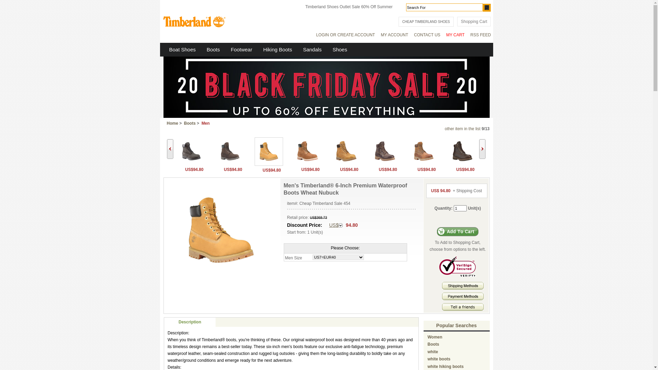  I want to click on 'CONTACT US', so click(427, 34).